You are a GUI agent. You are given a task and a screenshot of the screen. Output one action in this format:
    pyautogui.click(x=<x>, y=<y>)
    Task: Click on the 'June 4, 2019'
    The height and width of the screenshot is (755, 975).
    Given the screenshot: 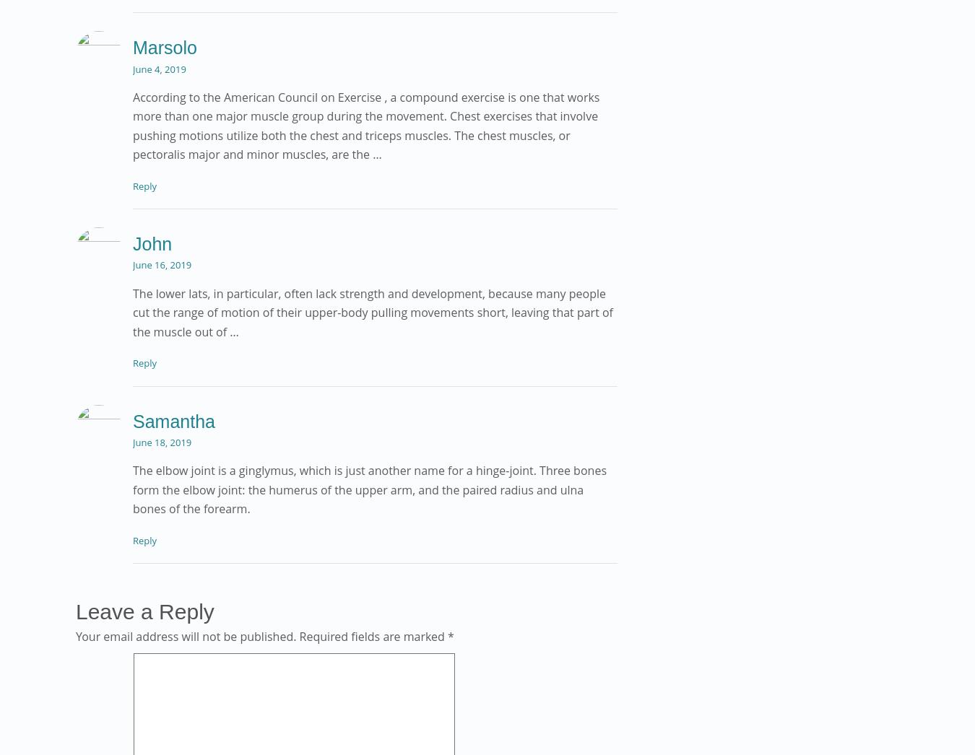 What is the action you would take?
    pyautogui.click(x=133, y=68)
    